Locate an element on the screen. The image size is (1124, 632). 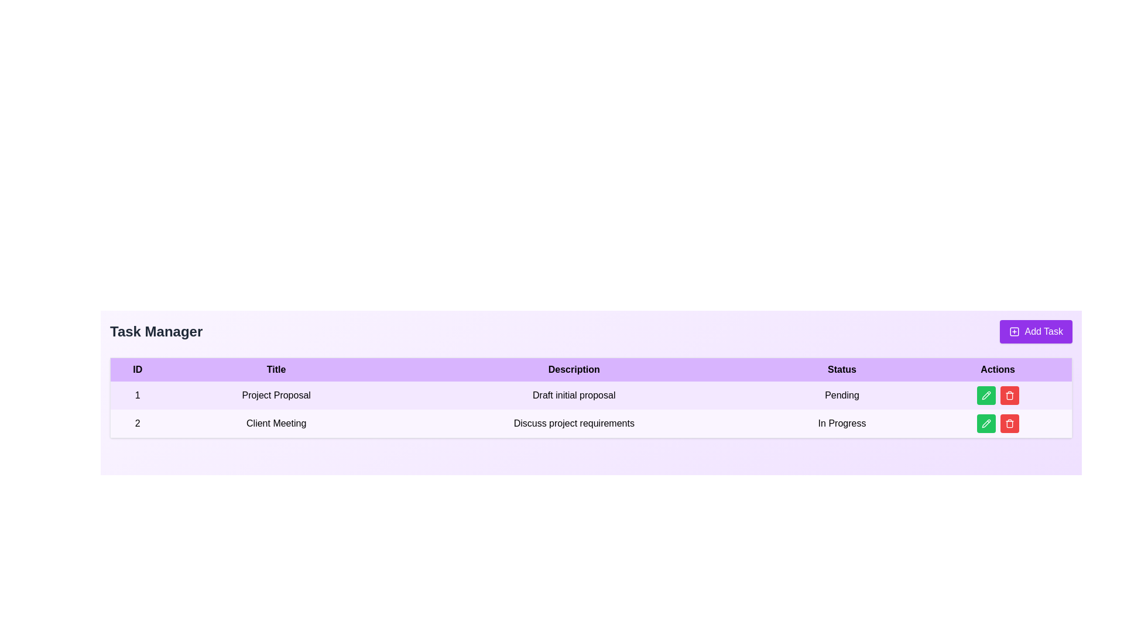
the title text element in the second row of the table under the 'Title' column, which identifies the task associated with ID '2' is located at coordinates (276, 424).